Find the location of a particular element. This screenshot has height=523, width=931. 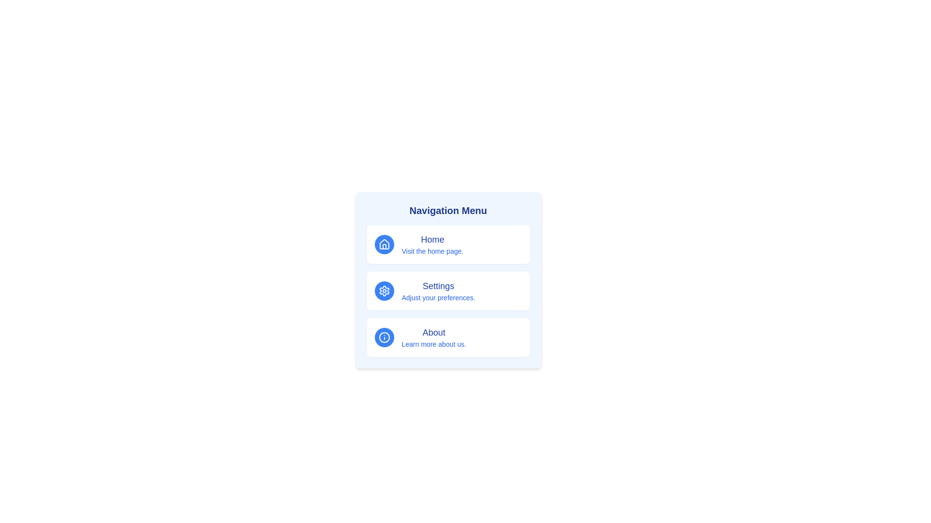

the 'Settings' button in the navigation menu, which features a blue circular gear icon and two lines of text is located at coordinates (448, 291).